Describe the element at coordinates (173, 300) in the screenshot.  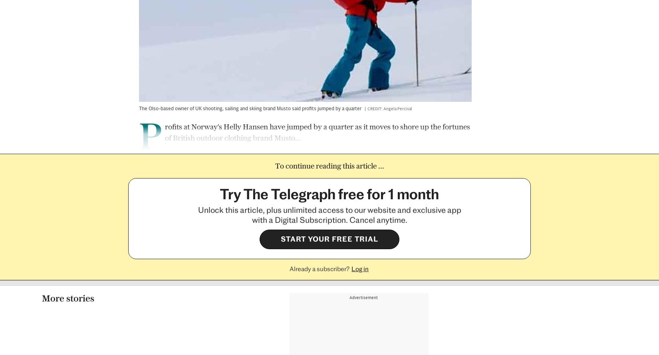
I see `'Telegraph Reporters'` at that location.